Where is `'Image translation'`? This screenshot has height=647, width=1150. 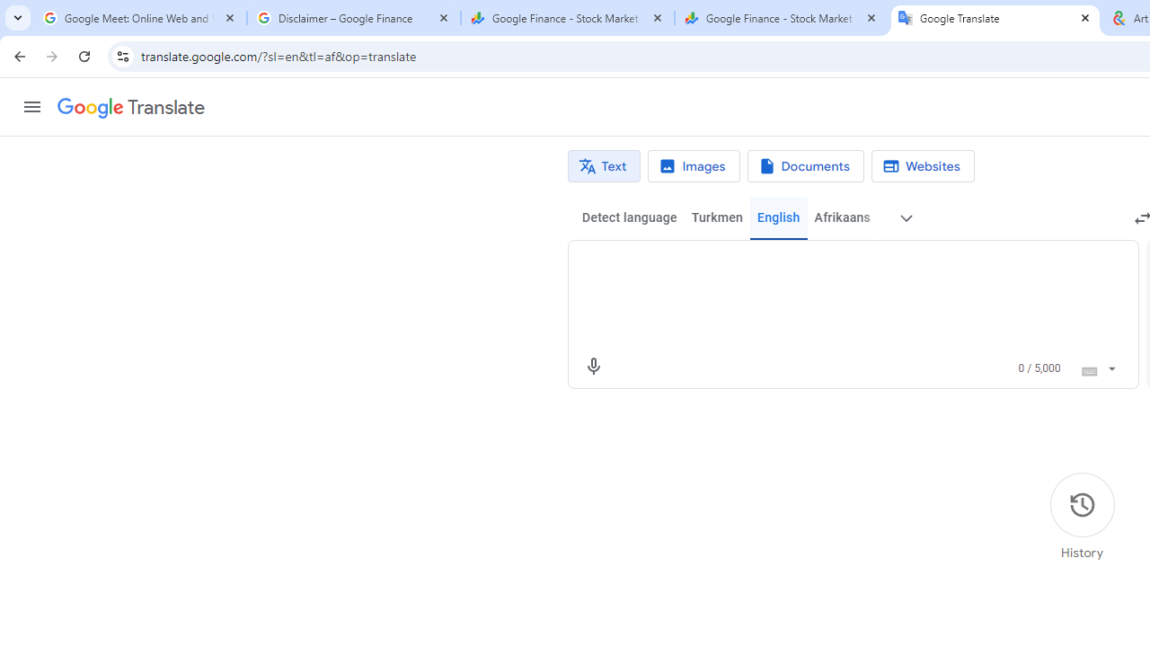 'Image translation' is located at coordinates (693, 166).